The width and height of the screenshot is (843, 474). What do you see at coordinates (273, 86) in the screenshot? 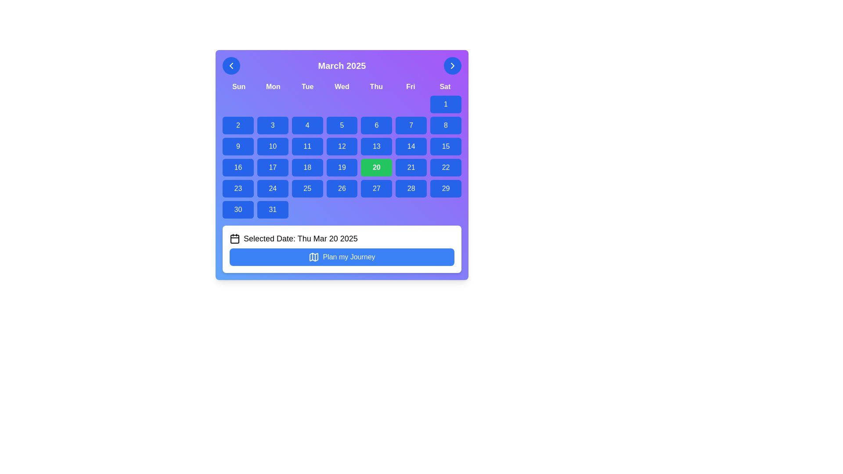
I see `the text label displaying 'Mon', which is the second item in a sequence of weekday abbreviations on the calendar interface` at bounding box center [273, 86].